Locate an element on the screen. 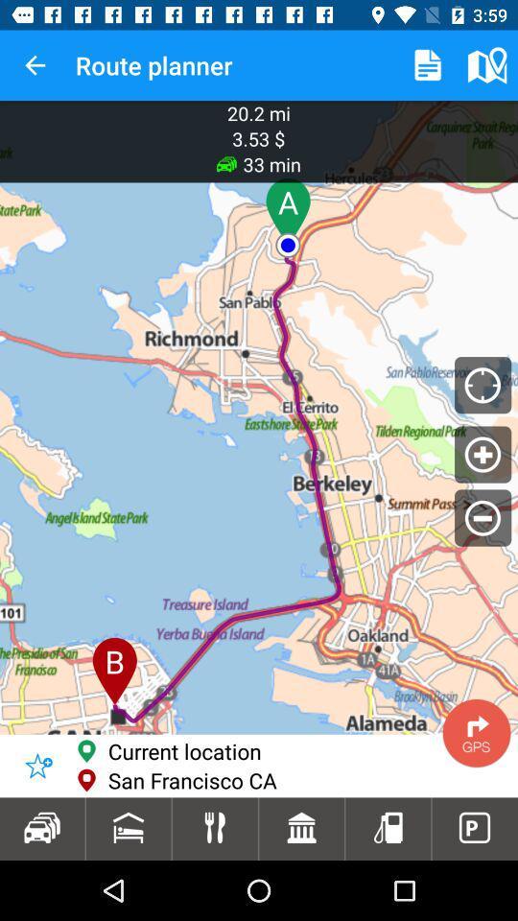 The image size is (518, 921). the font icon is located at coordinates (133, 778).